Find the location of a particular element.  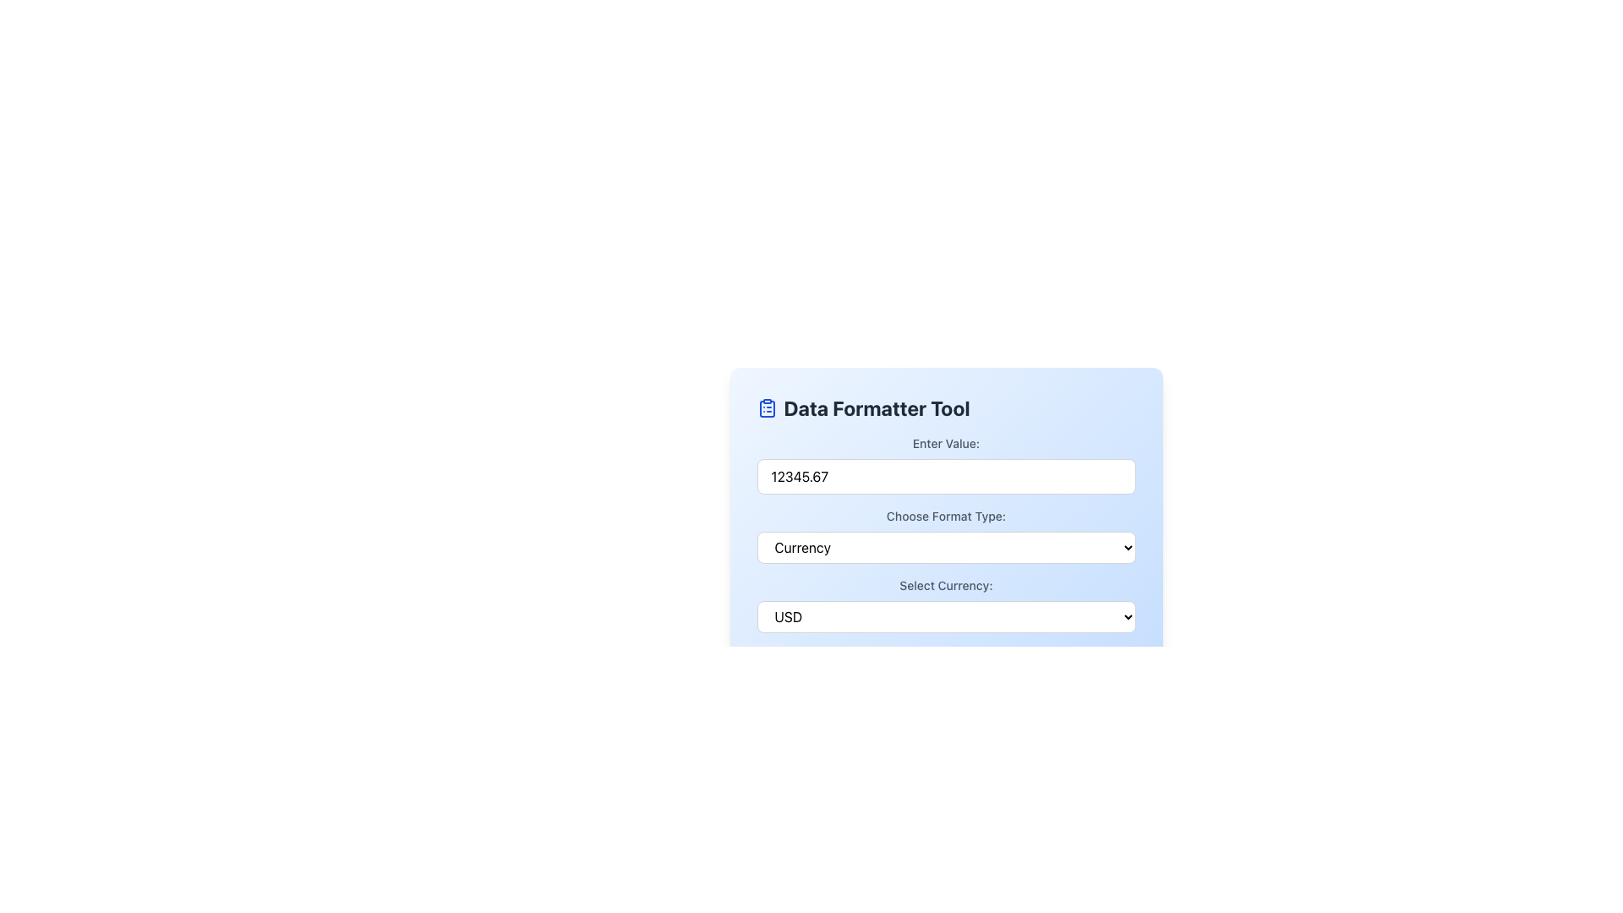

the text input field labeled 'Enter Value:' is located at coordinates (945, 465).